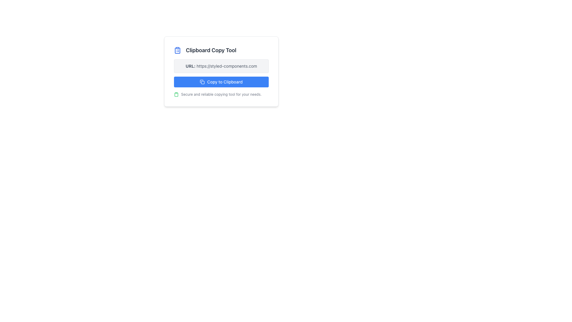 Image resolution: width=572 pixels, height=322 pixels. Describe the element at coordinates (176, 94) in the screenshot. I see `the clipboard icon` at that location.